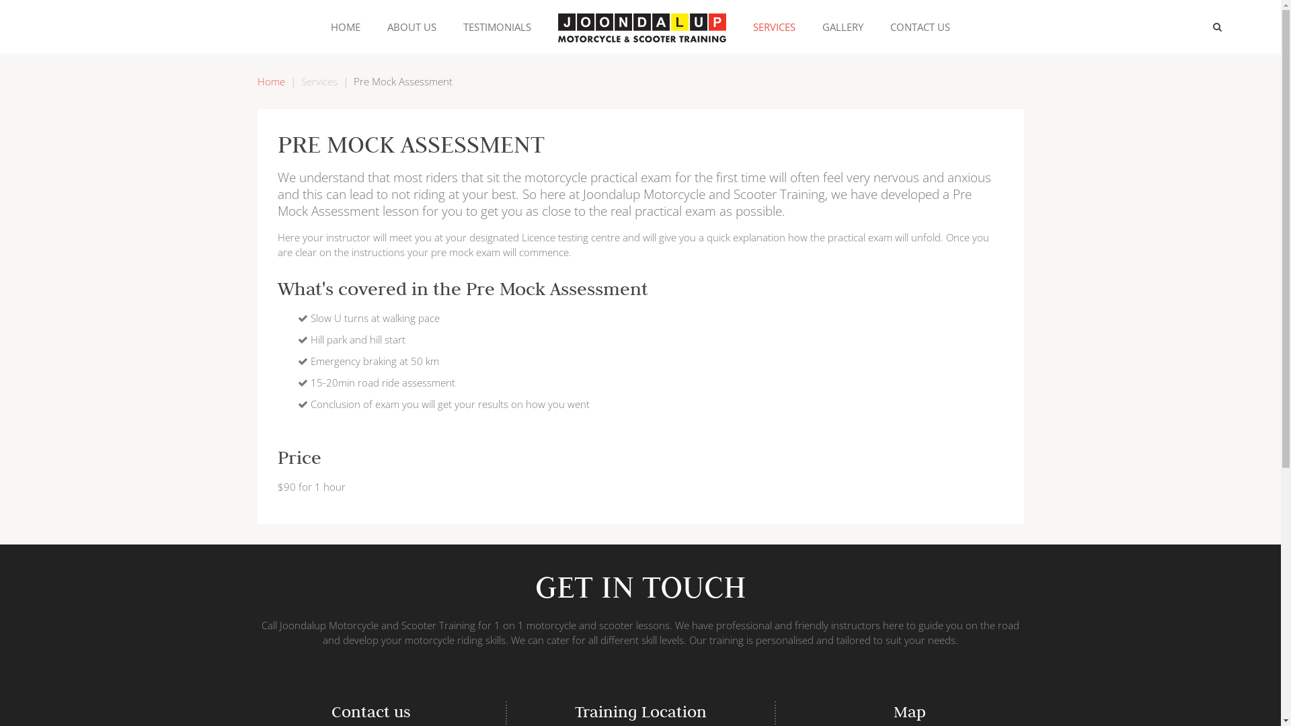  What do you see at coordinates (345, 26) in the screenshot?
I see `'HOME'` at bounding box center [345, 26].